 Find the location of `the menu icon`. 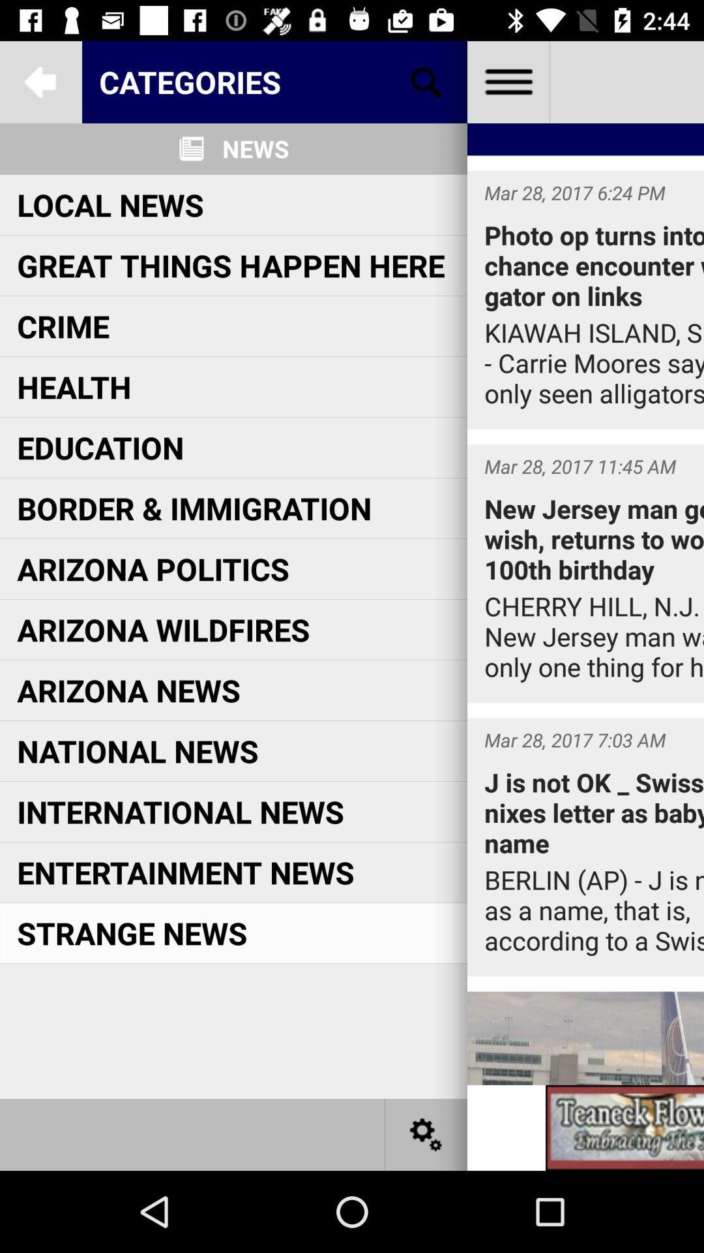

the menu icon is located at coordinates (507, 81).